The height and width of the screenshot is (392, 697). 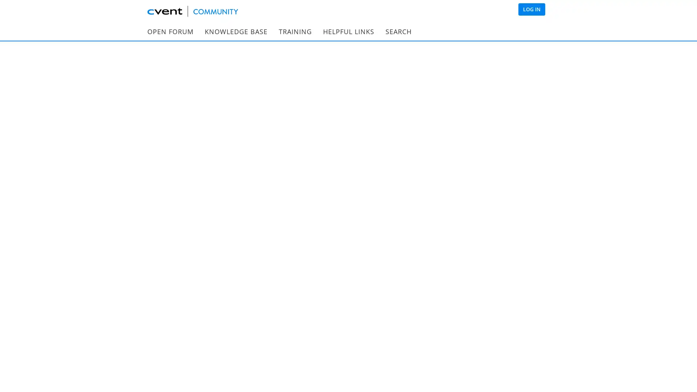 What do you see at coordinates (531, 9) in the screenshot?
I see `LOG IN` at bounding box center [531, 9].